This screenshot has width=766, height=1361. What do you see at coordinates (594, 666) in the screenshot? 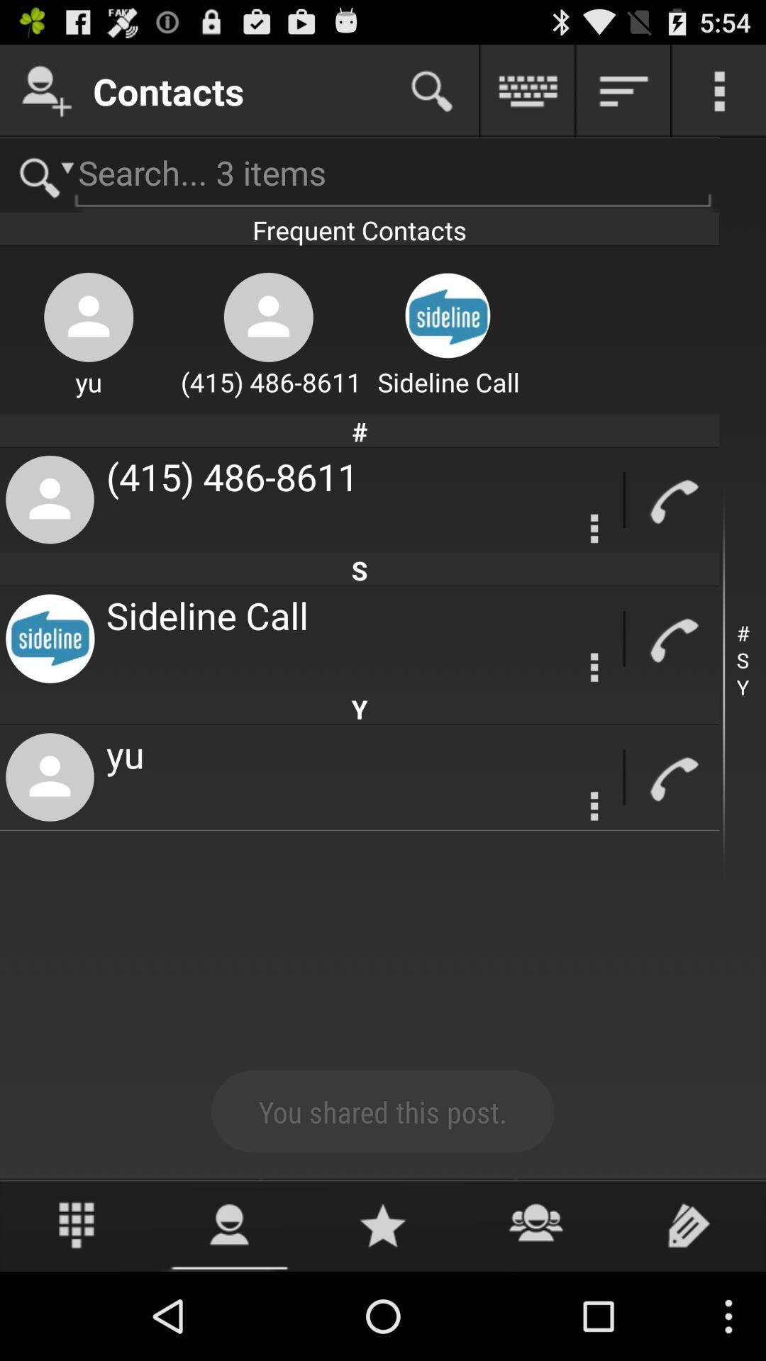
I see `expand entry` at bounding box center [594, 666].